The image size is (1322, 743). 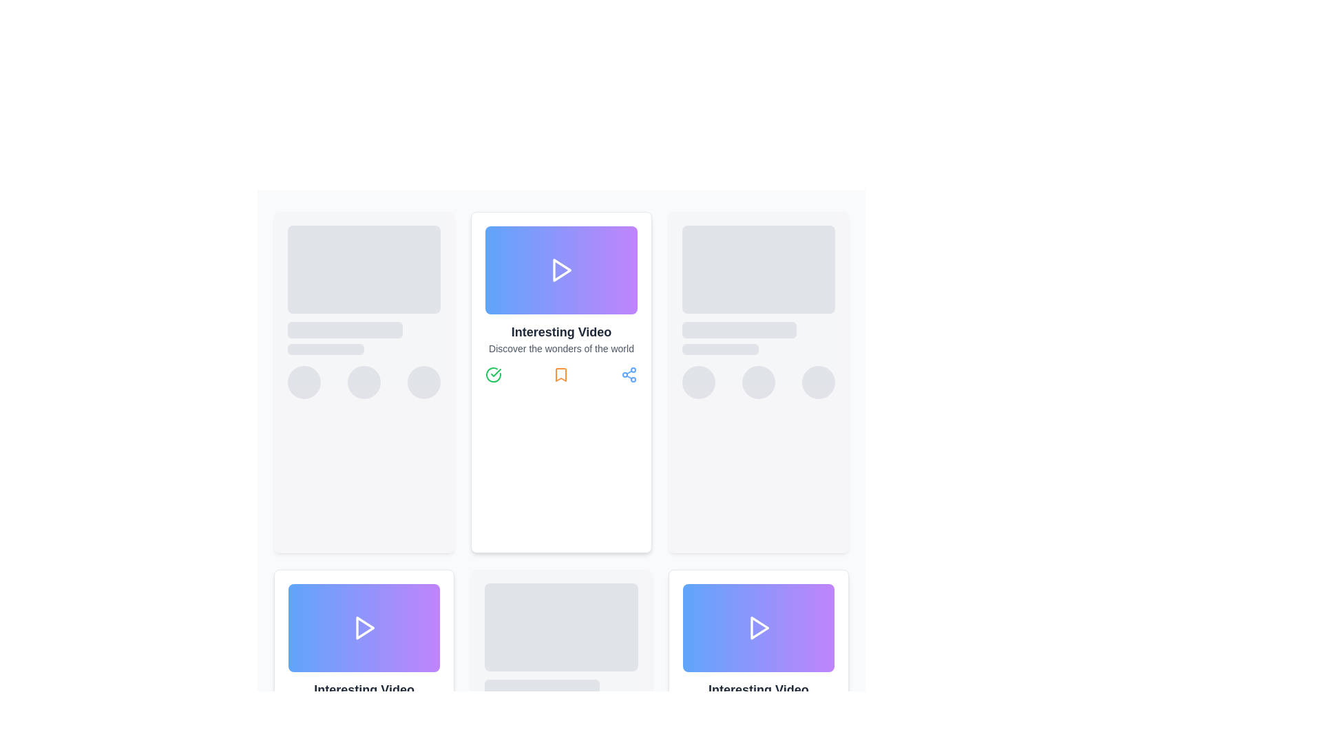 I want to click on the play button, which is a triangular icon located in the center of the gradient-colored header area of the card labeled 'Interesting Video', so click(x=563, y=270).